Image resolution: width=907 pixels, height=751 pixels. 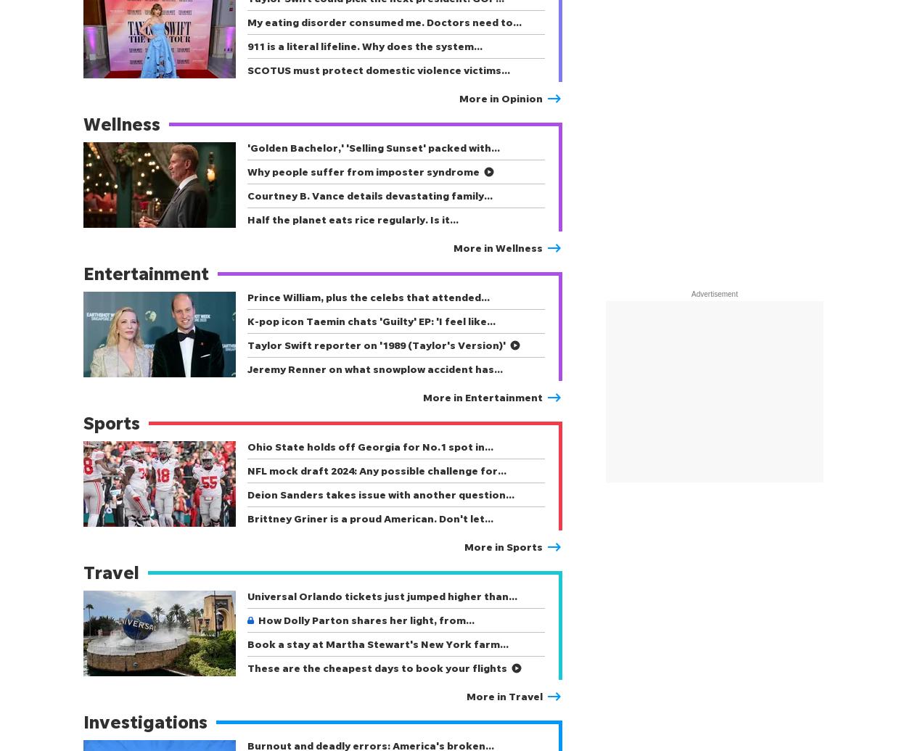 I want to click on ''Golden Bachelor,' 'Selling Sunset' packed with…', so click(x=374, y=147).